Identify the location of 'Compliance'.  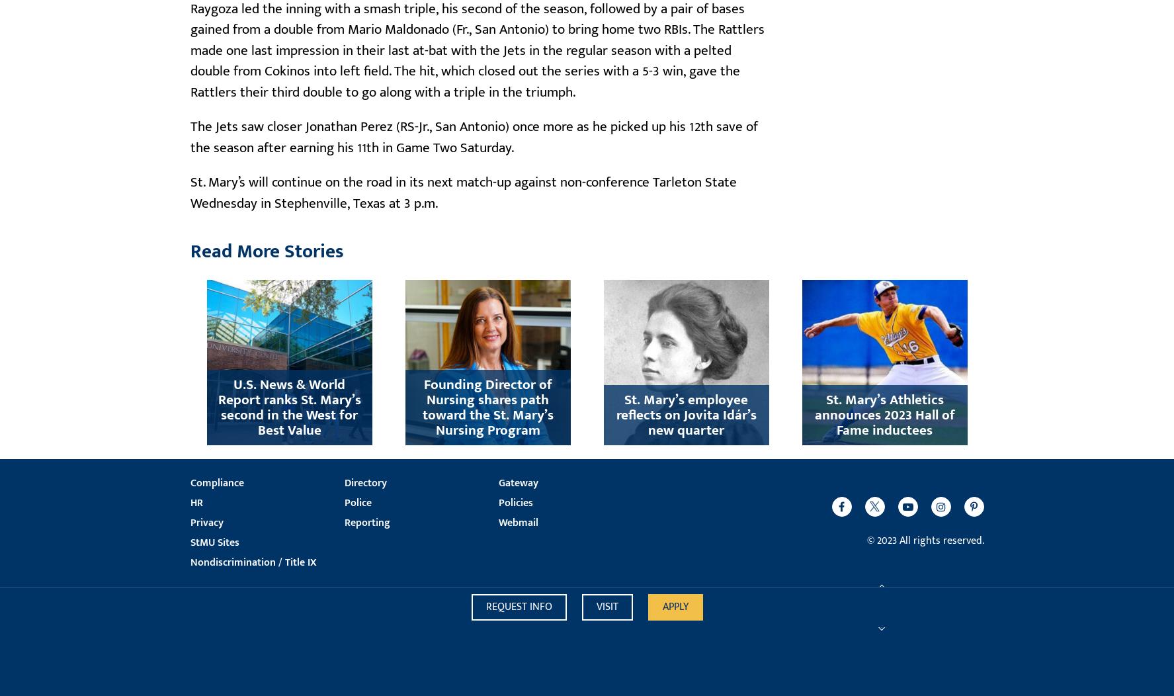
(216, 482).